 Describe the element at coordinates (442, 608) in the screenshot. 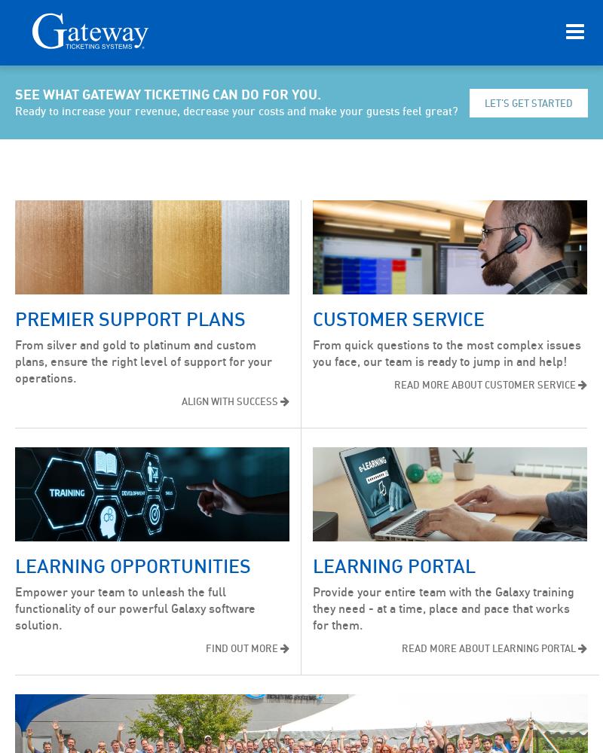

I see `'Provide your entire team with the Galaxy training they need - at a time, place and pace that works for them.'` at that location.